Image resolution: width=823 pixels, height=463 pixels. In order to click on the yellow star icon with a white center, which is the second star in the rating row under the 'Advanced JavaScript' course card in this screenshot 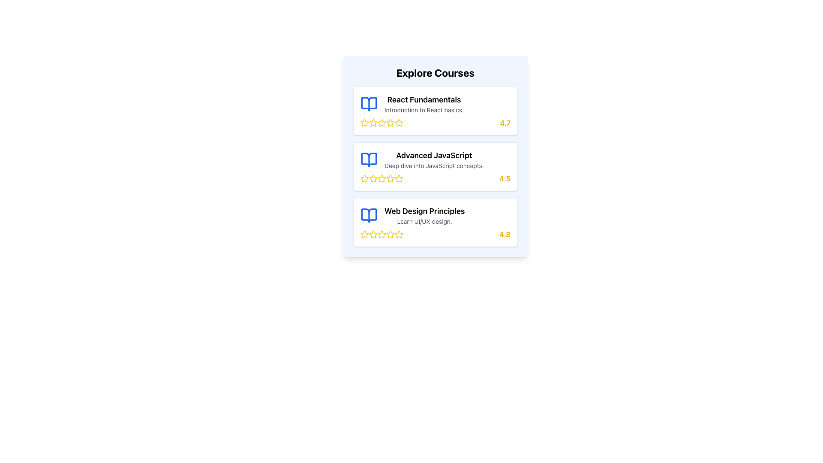, I will do `click(364, 178)`.